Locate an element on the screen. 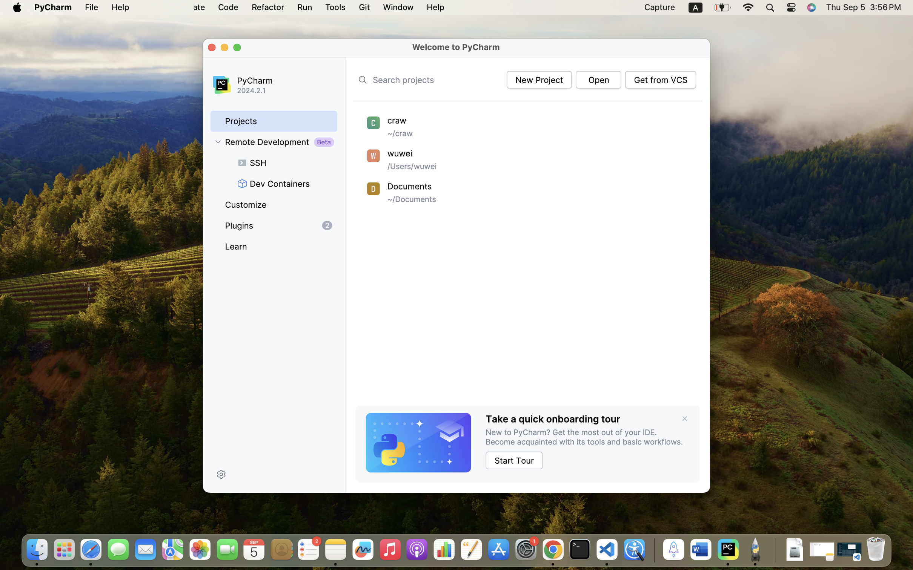 The height and width of the screenshot is (570, 913). 'PyCharm' is located at coordinates (283, 80).